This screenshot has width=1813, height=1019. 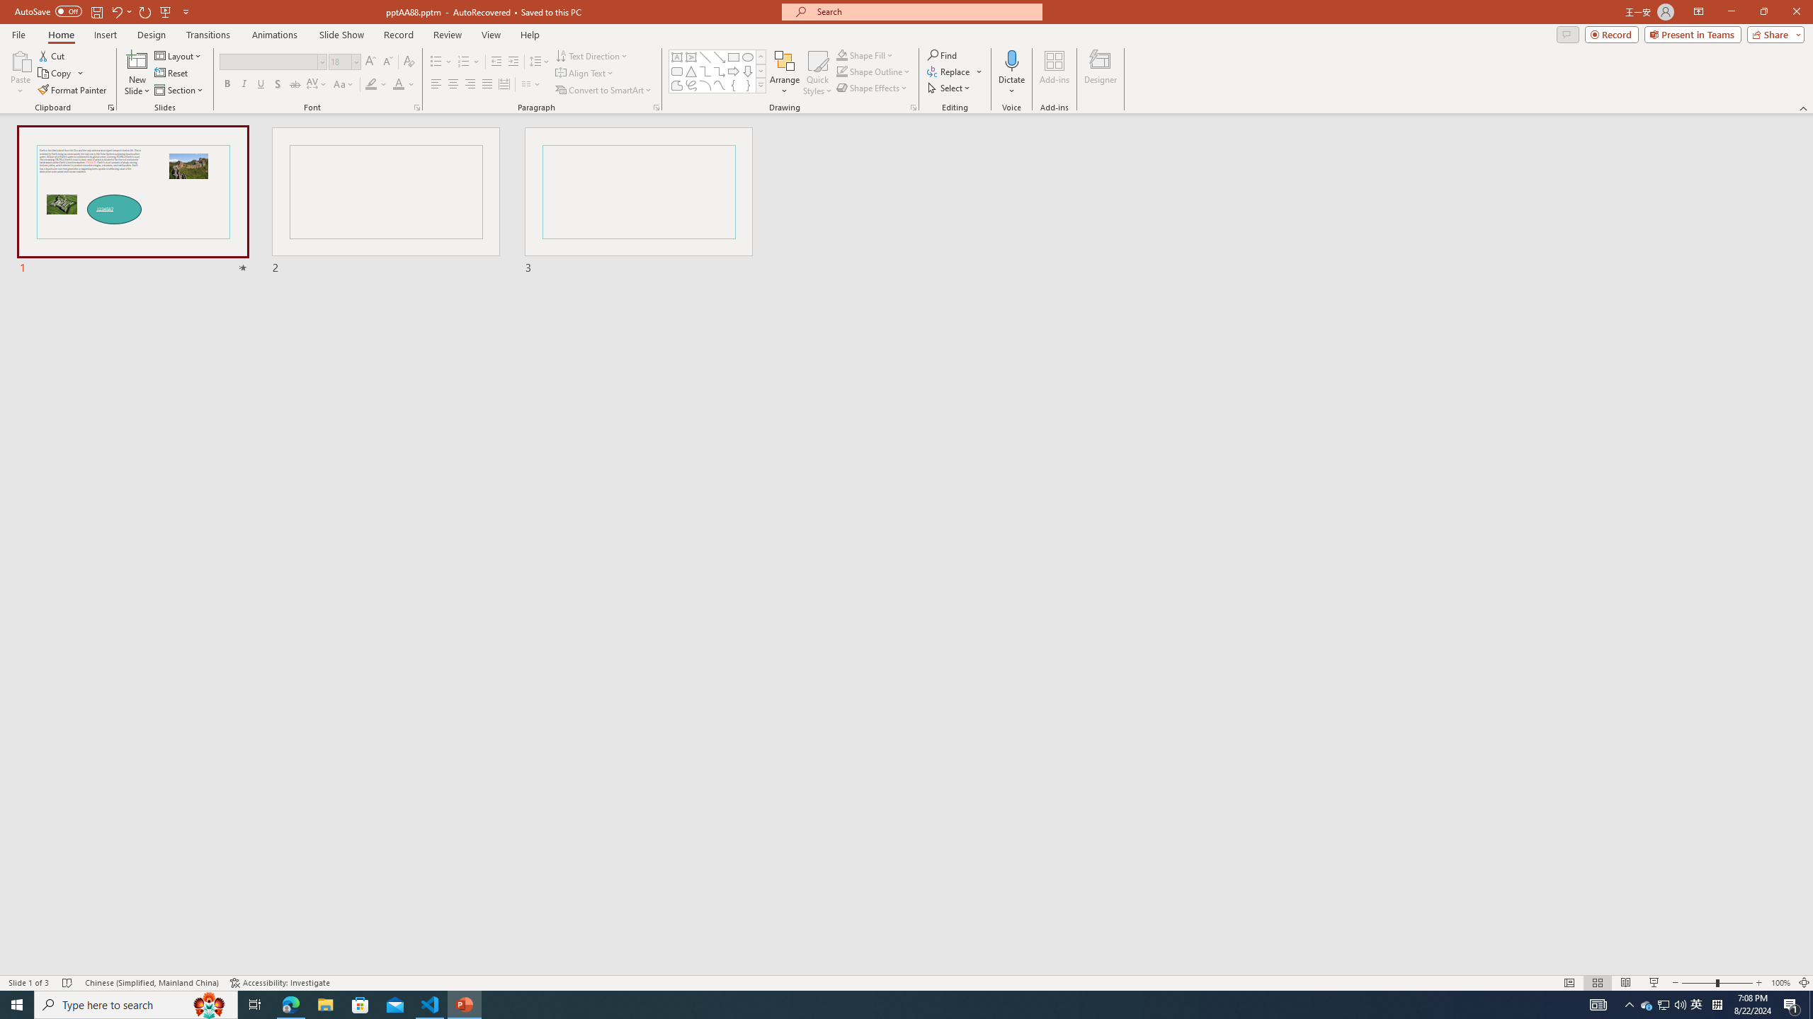 I want to click on 'Dictate', so click(x=1011, y=73).